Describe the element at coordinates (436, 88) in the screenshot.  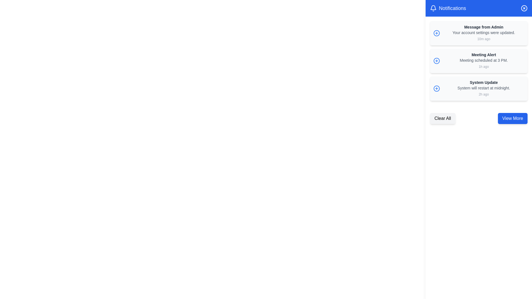
I see `the blue circular icon button with a plus sign located on the left side of the 'System Update' notification` at that location.